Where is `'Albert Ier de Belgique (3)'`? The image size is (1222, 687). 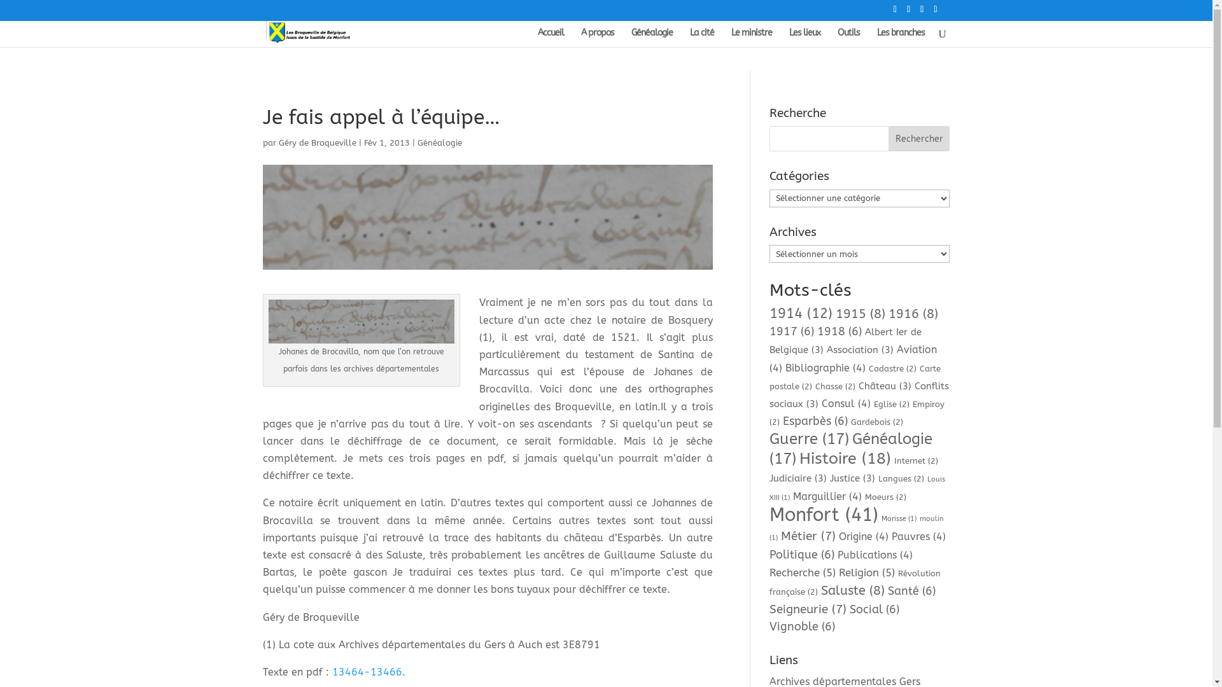 'Albert Ier de Belgique (3)' is located at coordinates (845, 340).